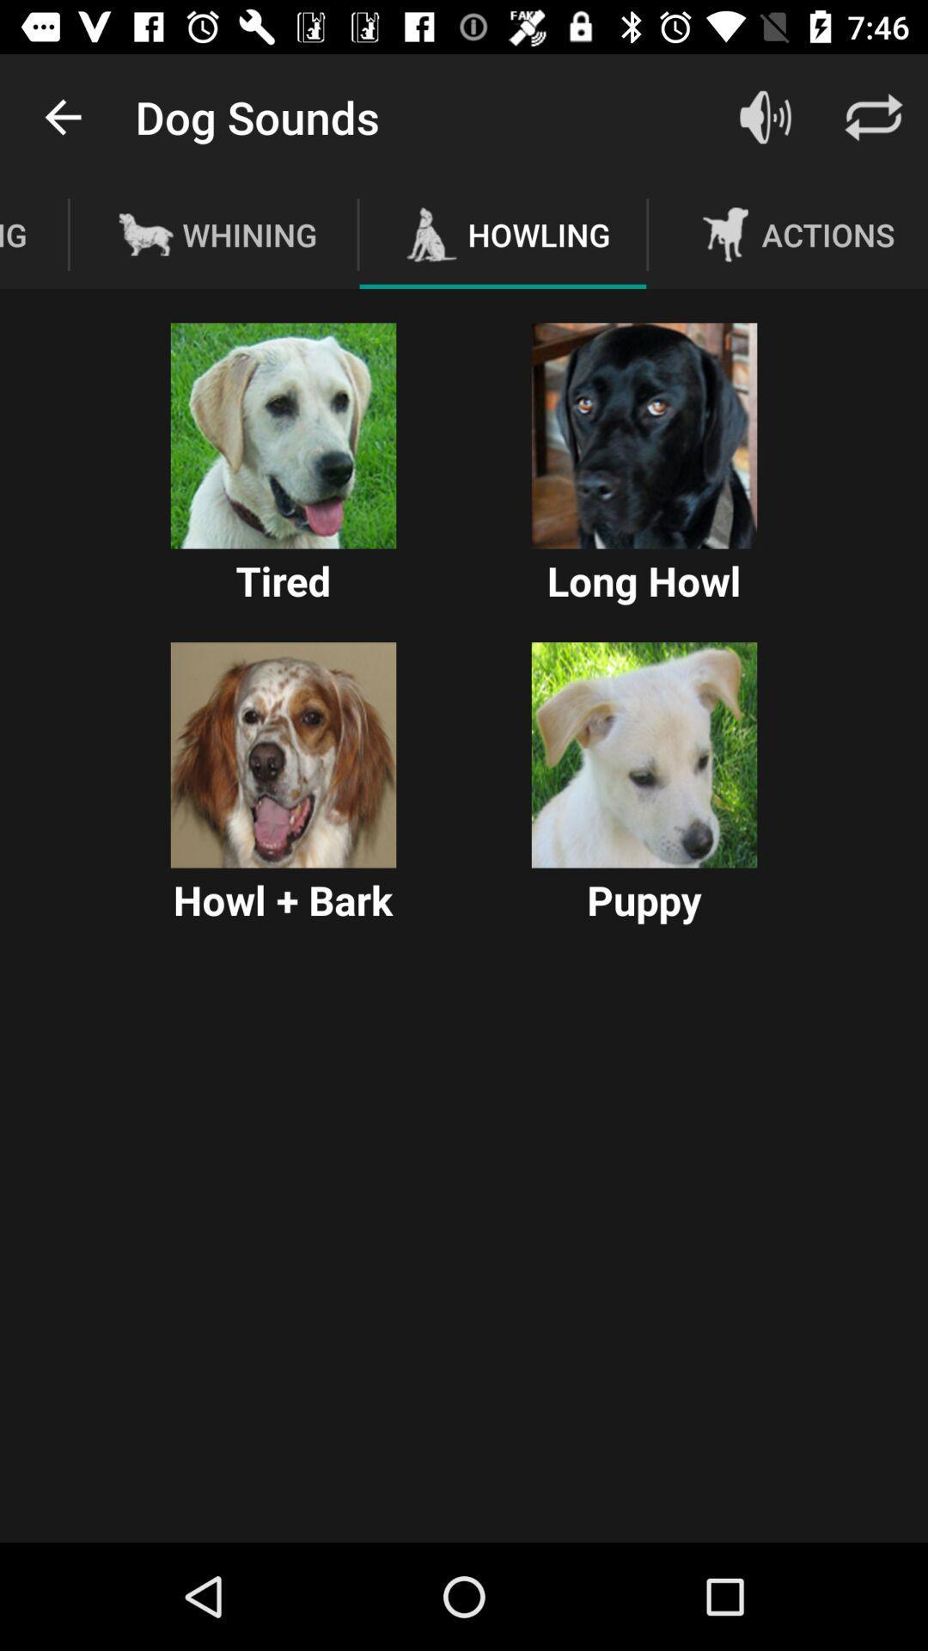 This screenshot has width=928, height=1651. I want to click on long howl sound, so click(644, 436).